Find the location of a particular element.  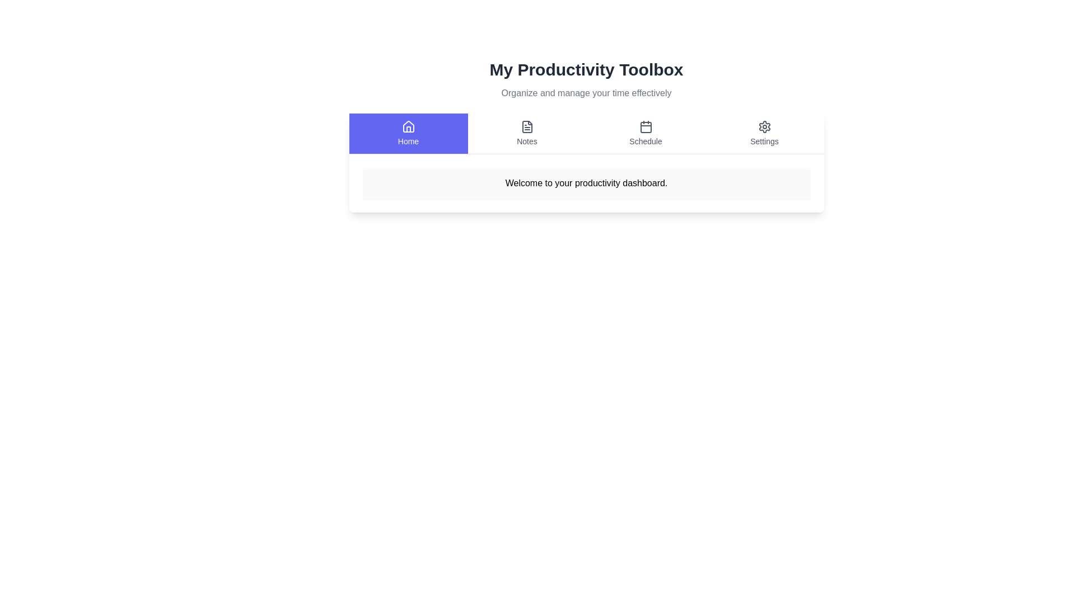

the 'Schedule' navigation button by using the Tab key to select it is located at coordinates (646, 133).